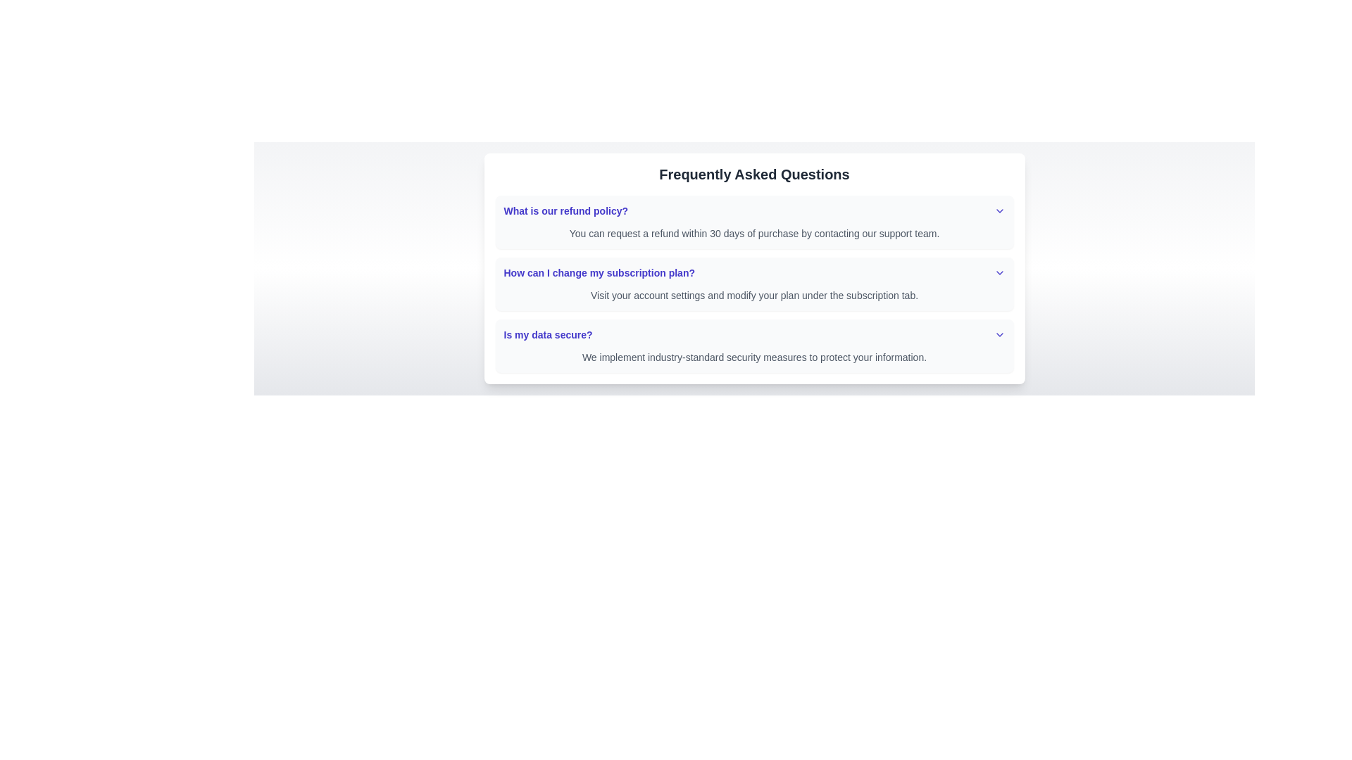 The height and width of the screenshot is (760, 1352). Describe the element at coordinates (999, 273) in the screenshot. I see `the expand/collapse icon located on the right side of the question 'How can I change my subscription plan?'. This icon indicates the expandability of the associated FAQ item` at that location.